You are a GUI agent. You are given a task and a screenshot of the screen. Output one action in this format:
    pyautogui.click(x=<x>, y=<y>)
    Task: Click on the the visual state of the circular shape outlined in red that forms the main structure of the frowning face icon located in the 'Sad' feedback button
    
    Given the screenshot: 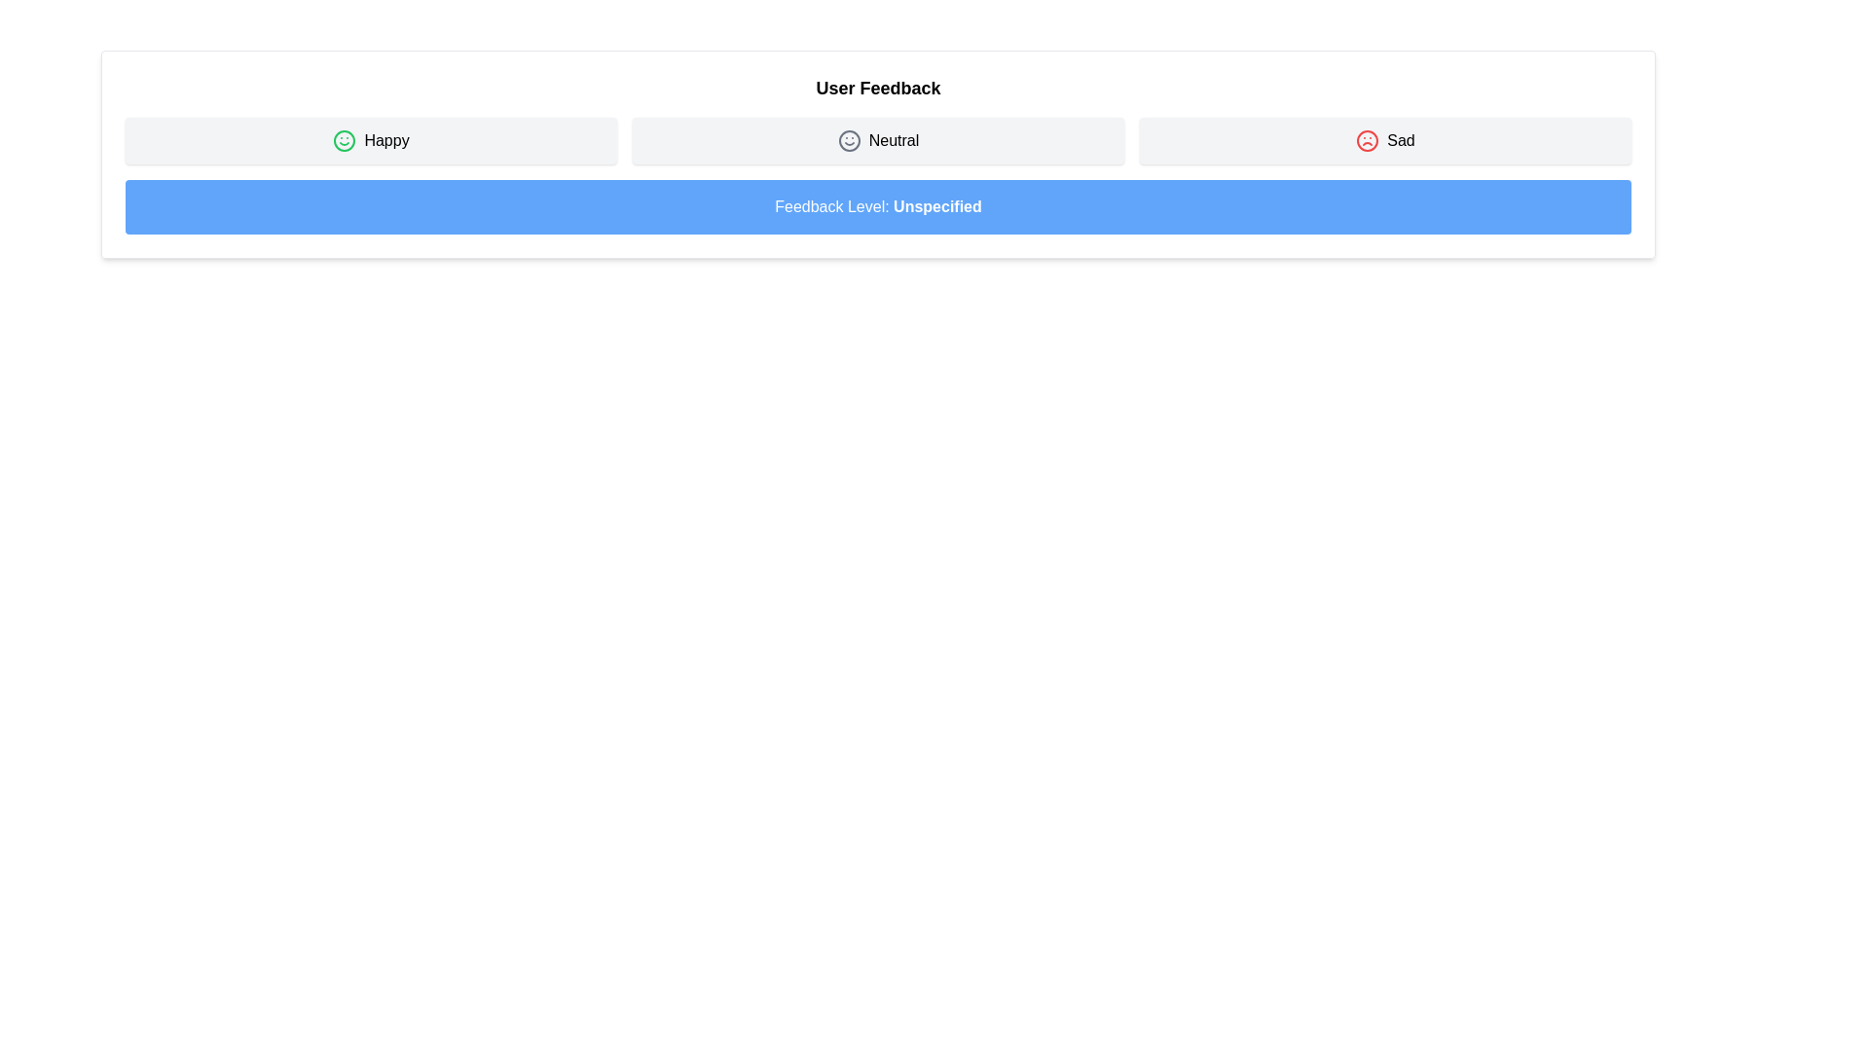 What is the action you would take?
    pyautogui.click(x=1367, y=140)
    